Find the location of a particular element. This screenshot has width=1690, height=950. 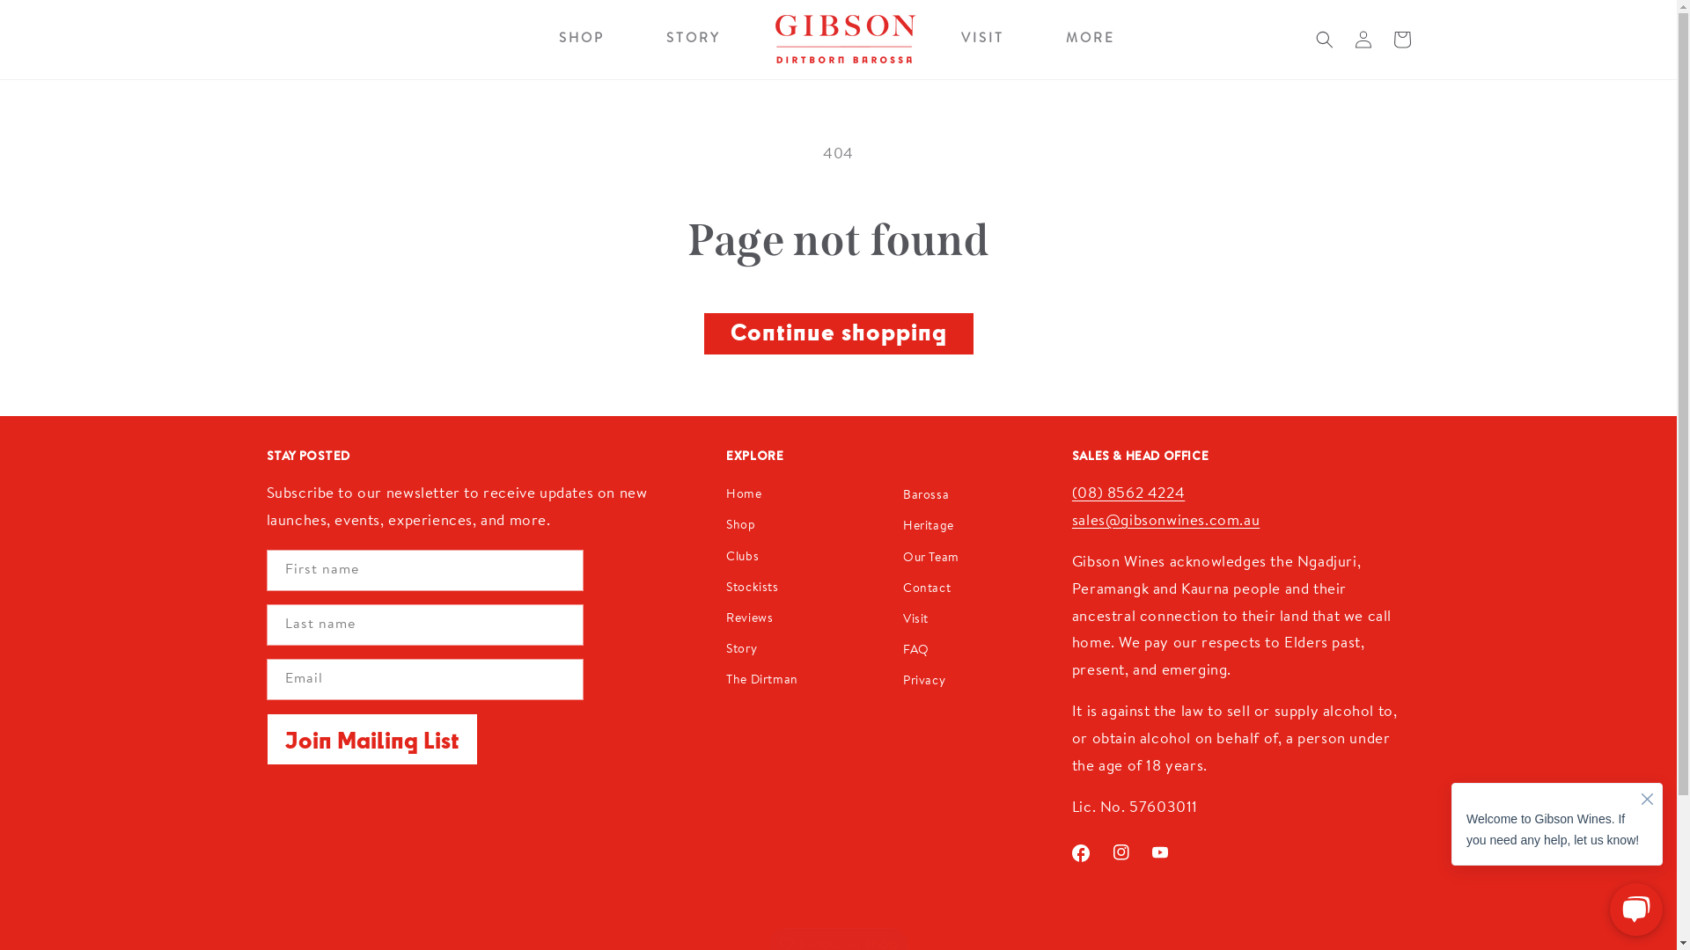

'STORY' is located at coordinates (692, 40).